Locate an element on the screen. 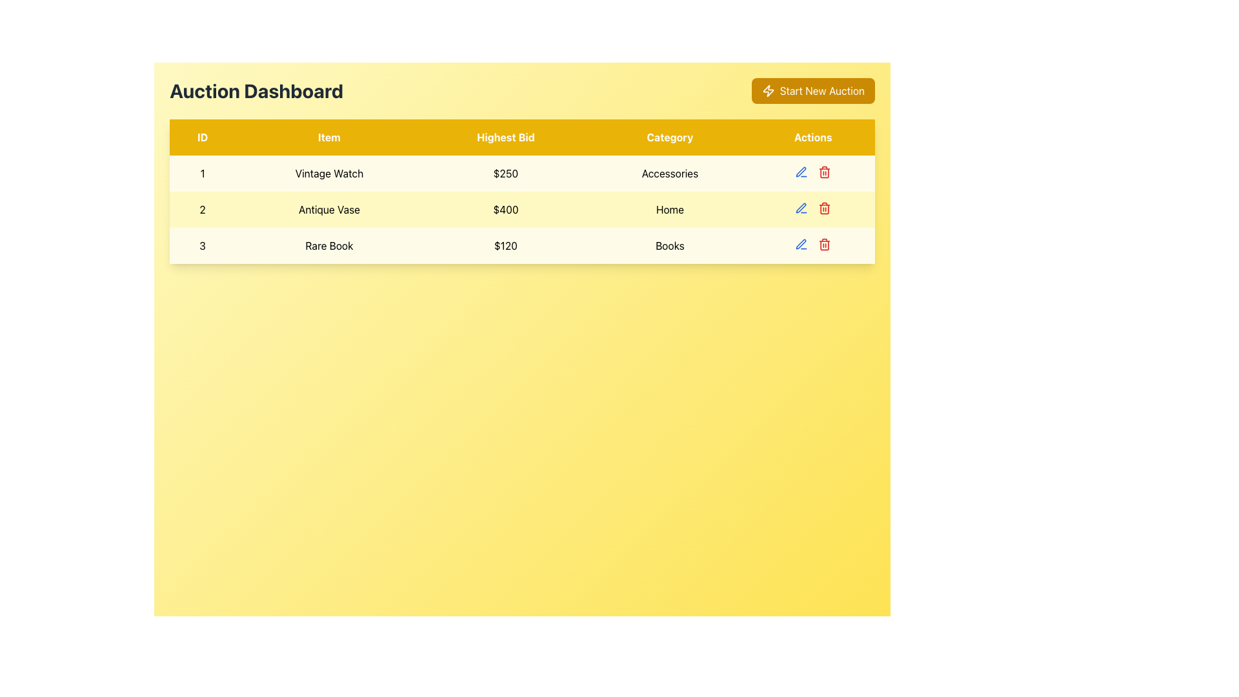 This screenshot has height=697, width=1239. the text label that provides the name of the product in the auction table, located in the first row and second column, adjacent to '1' and '$250' is located at coordinates (329, 173).